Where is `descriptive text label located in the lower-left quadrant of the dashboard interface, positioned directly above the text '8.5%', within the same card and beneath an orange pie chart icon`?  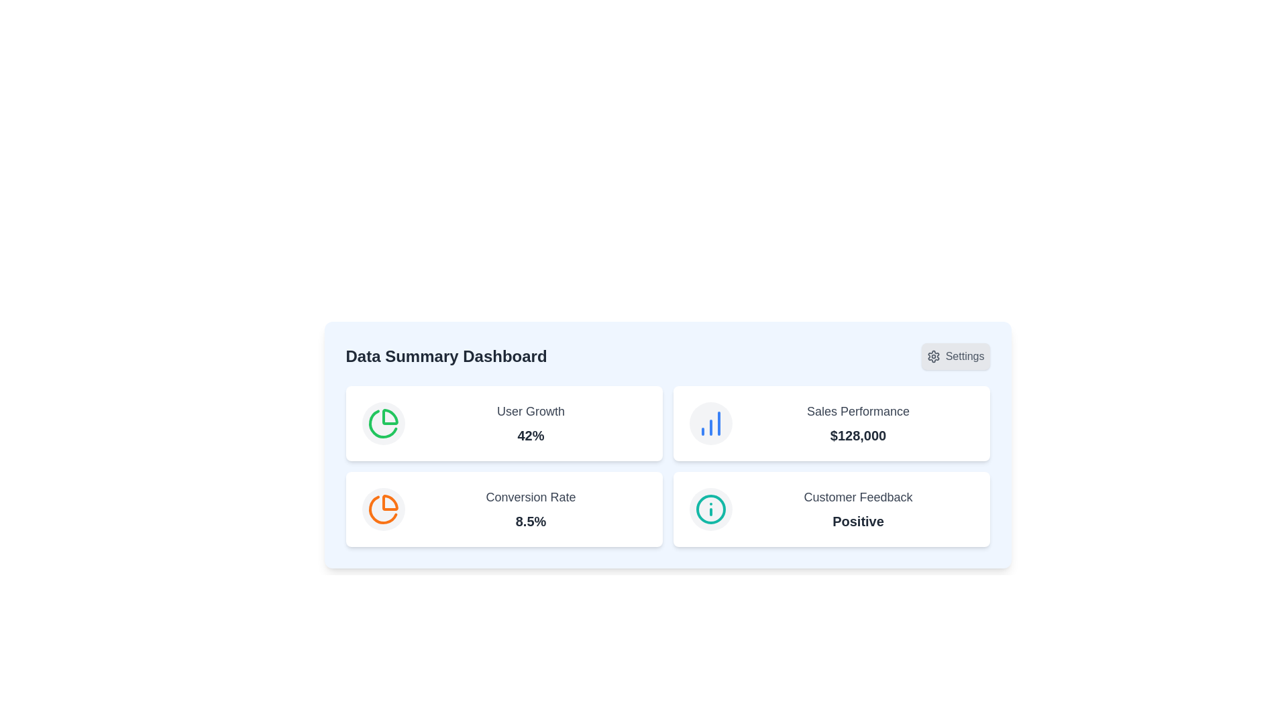
descriptive text label located in the lower-left quadrant of the dashboard interface, positioned directly above the text '8.5%', within the same card and beneath an orange pie chart icon is located at coordinates (530, 497).